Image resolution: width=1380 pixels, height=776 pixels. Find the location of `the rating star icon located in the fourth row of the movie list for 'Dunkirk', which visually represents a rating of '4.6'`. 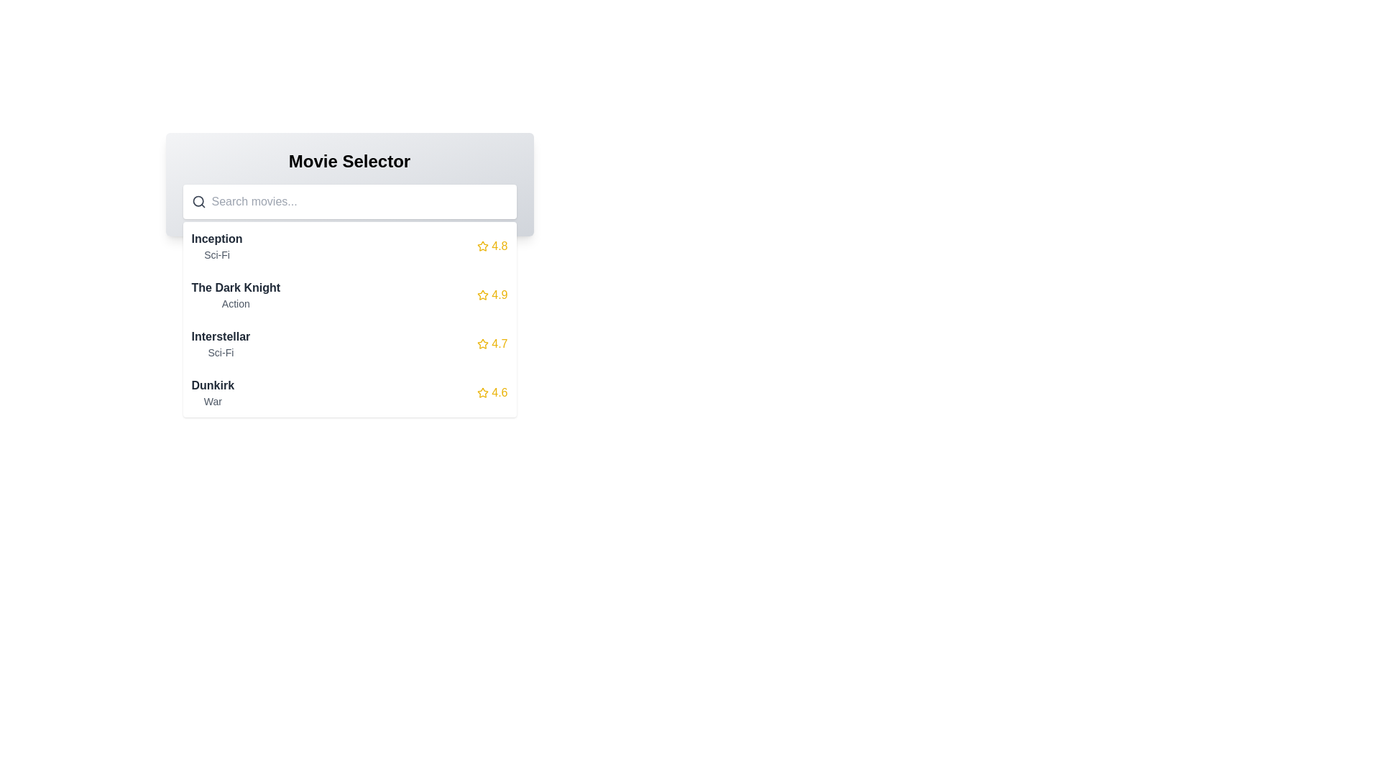

the rating star icon located in the fourth row of the movie list for 'Dunkirk', which visually represents a rating of '4.6' is located at coordinates (483, 393).